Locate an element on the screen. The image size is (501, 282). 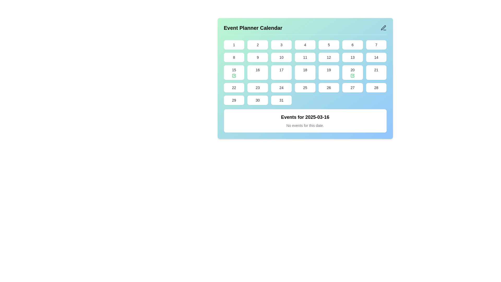
the calendar date button located in the second row and fourth column of the calendar grid is located at coordinates (305, 57).